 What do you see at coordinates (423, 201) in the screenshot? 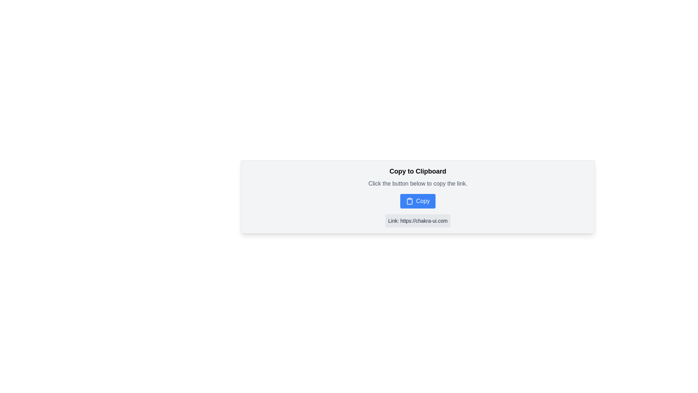
I see `the 'Copy' text element, which is part of a blue button that triggers copying content, located centrally on the interface` at bounding box center [423, 201].